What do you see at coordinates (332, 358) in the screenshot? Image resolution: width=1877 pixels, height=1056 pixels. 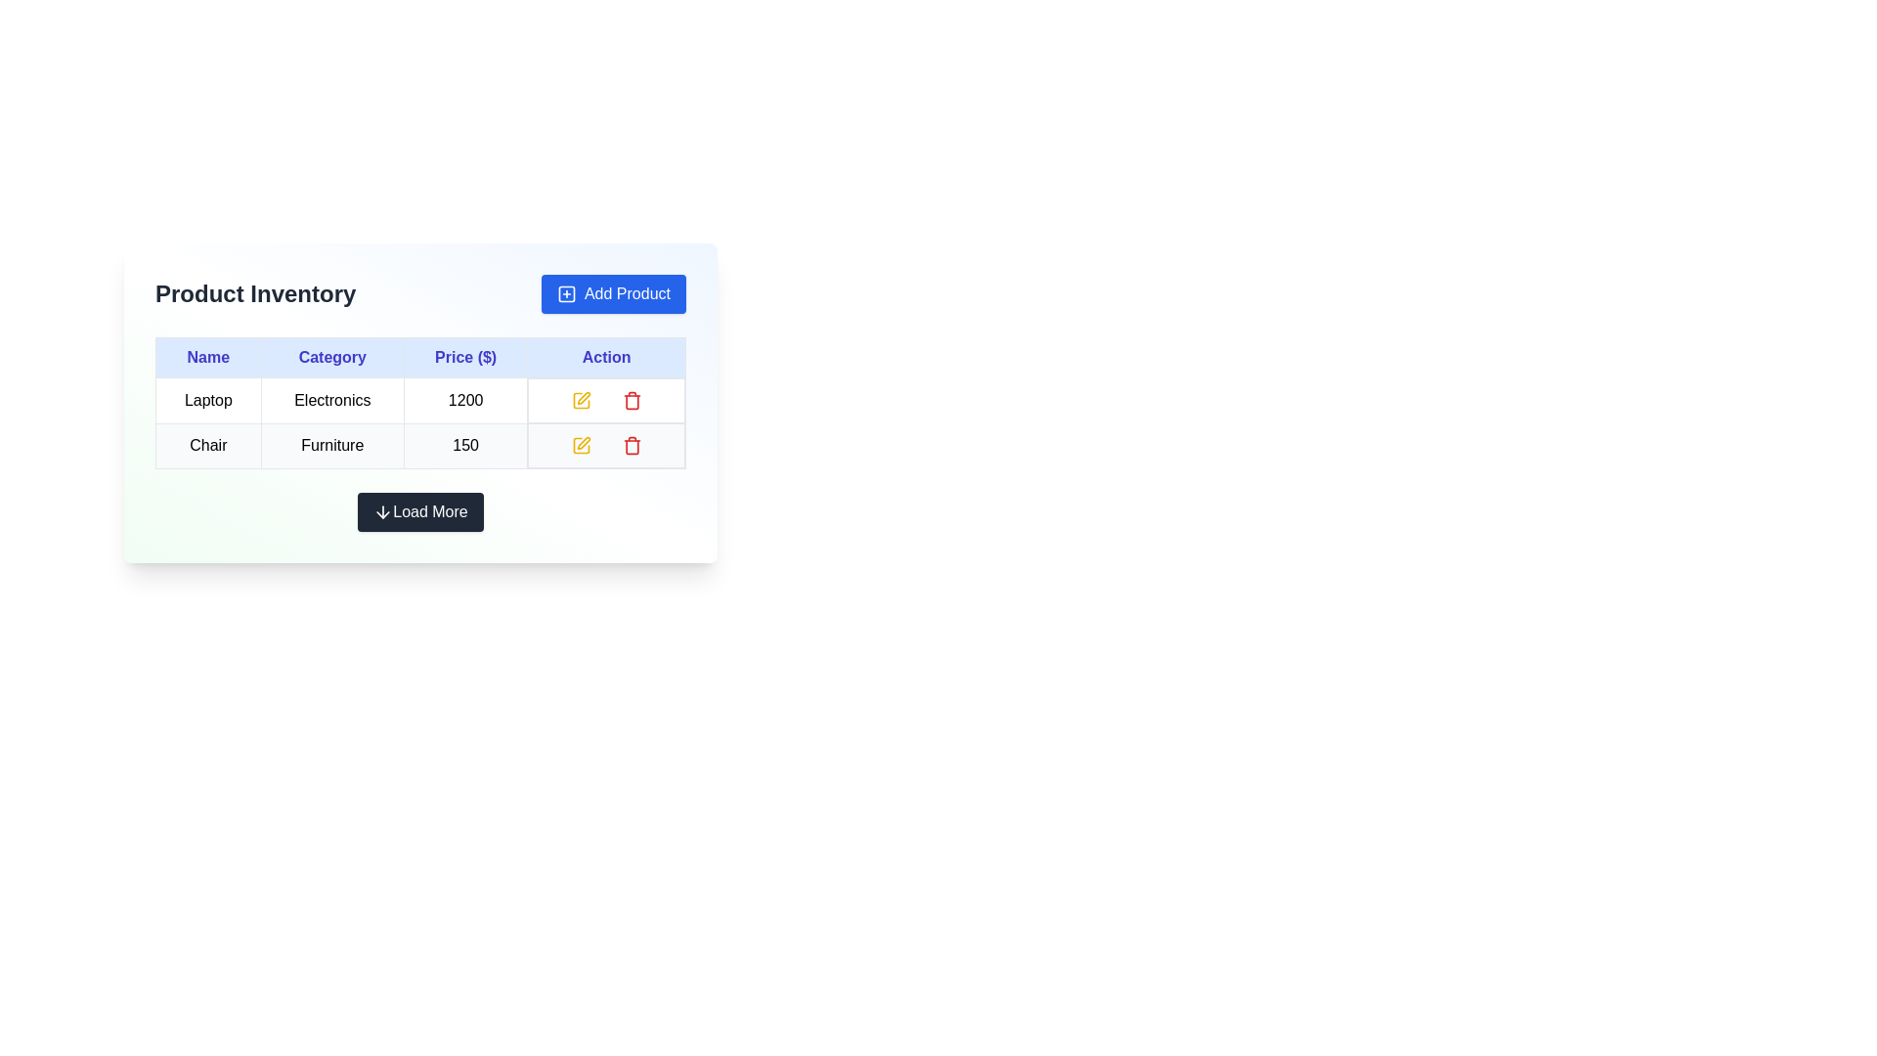 I see `the header label indicating the category of products in the table, located between the 'Name' and 'Price ($)' labels` at bounding box center [332, 358].